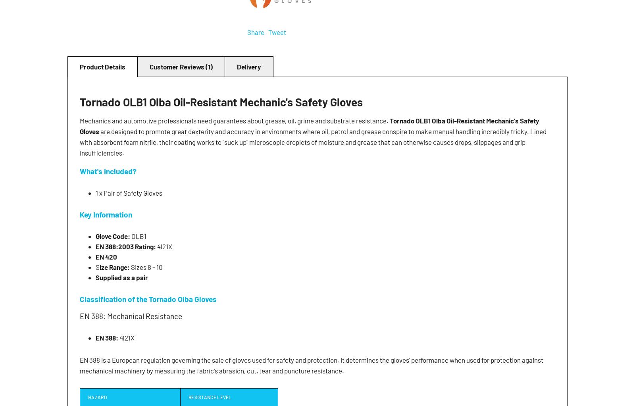  Describe the element at coordinates (125, 246) in the screenshot. I see `'EN 388:2003 Rating:'` at that location.